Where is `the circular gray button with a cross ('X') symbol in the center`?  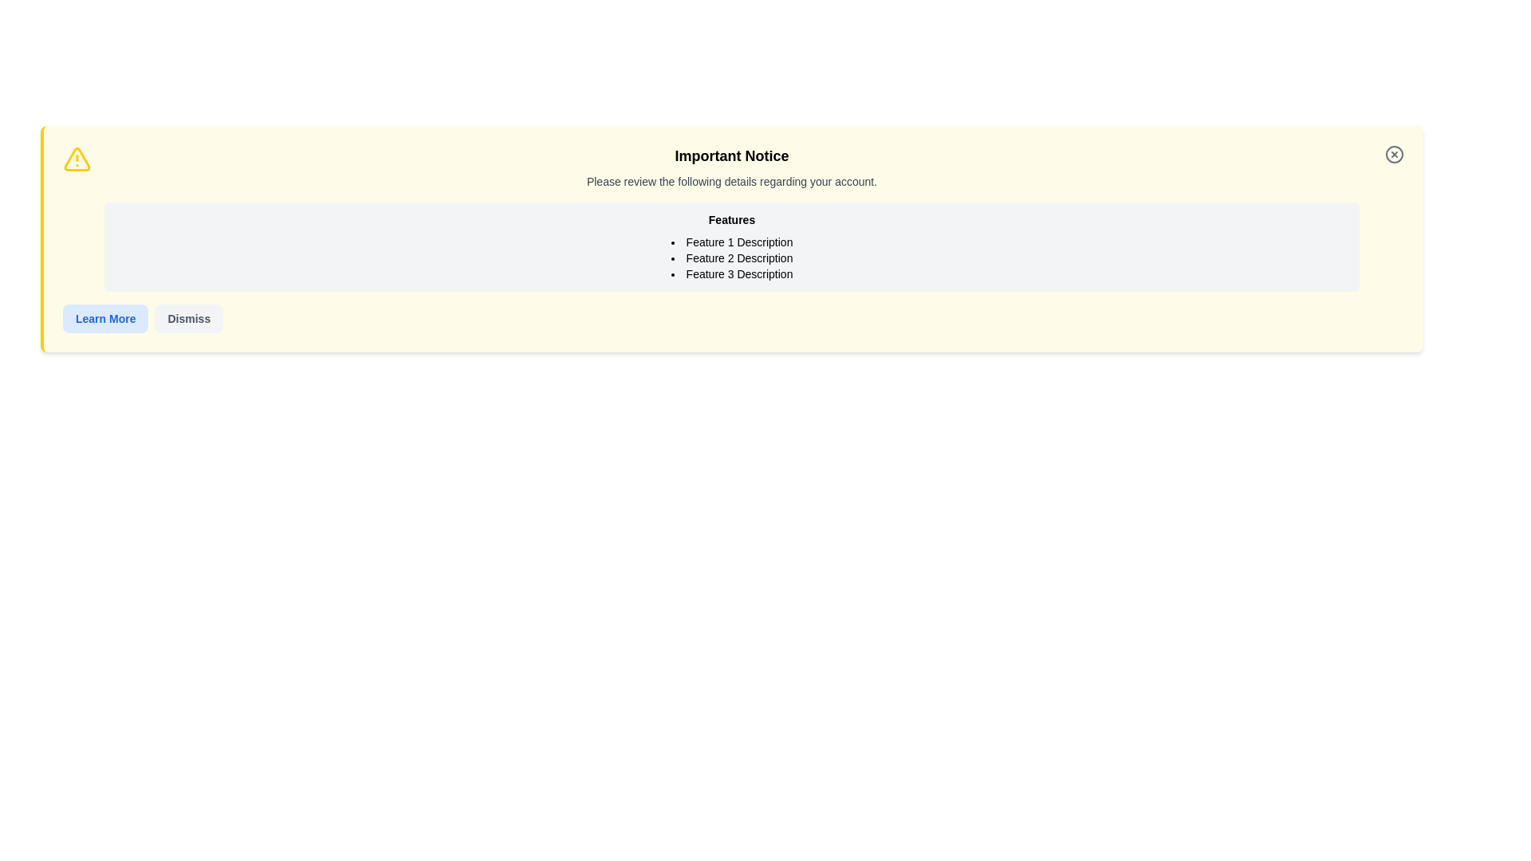
the circular gray button with a cross ('X') symbol in the center is located at coordinates (1393, 154).